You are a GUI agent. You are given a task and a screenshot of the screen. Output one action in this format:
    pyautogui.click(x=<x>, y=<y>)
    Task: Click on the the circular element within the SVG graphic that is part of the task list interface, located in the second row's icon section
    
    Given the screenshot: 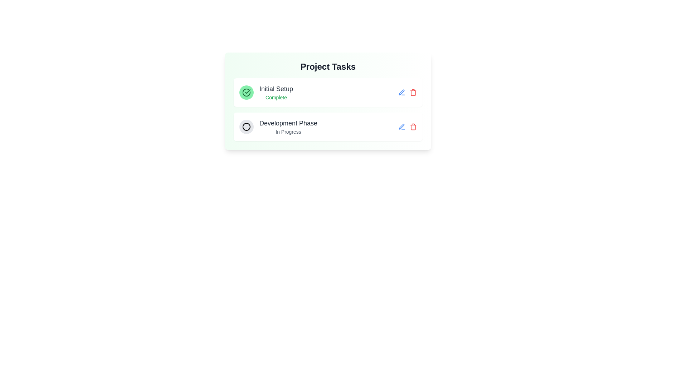 What is the action you would take?
    pyautogui.click(x=247, y=126)
    